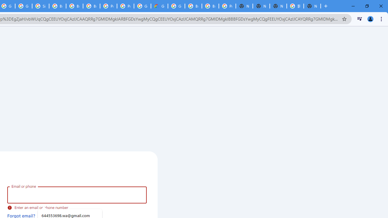  I want to click on 'Sign in - Google Accounts', so click(40, 6).